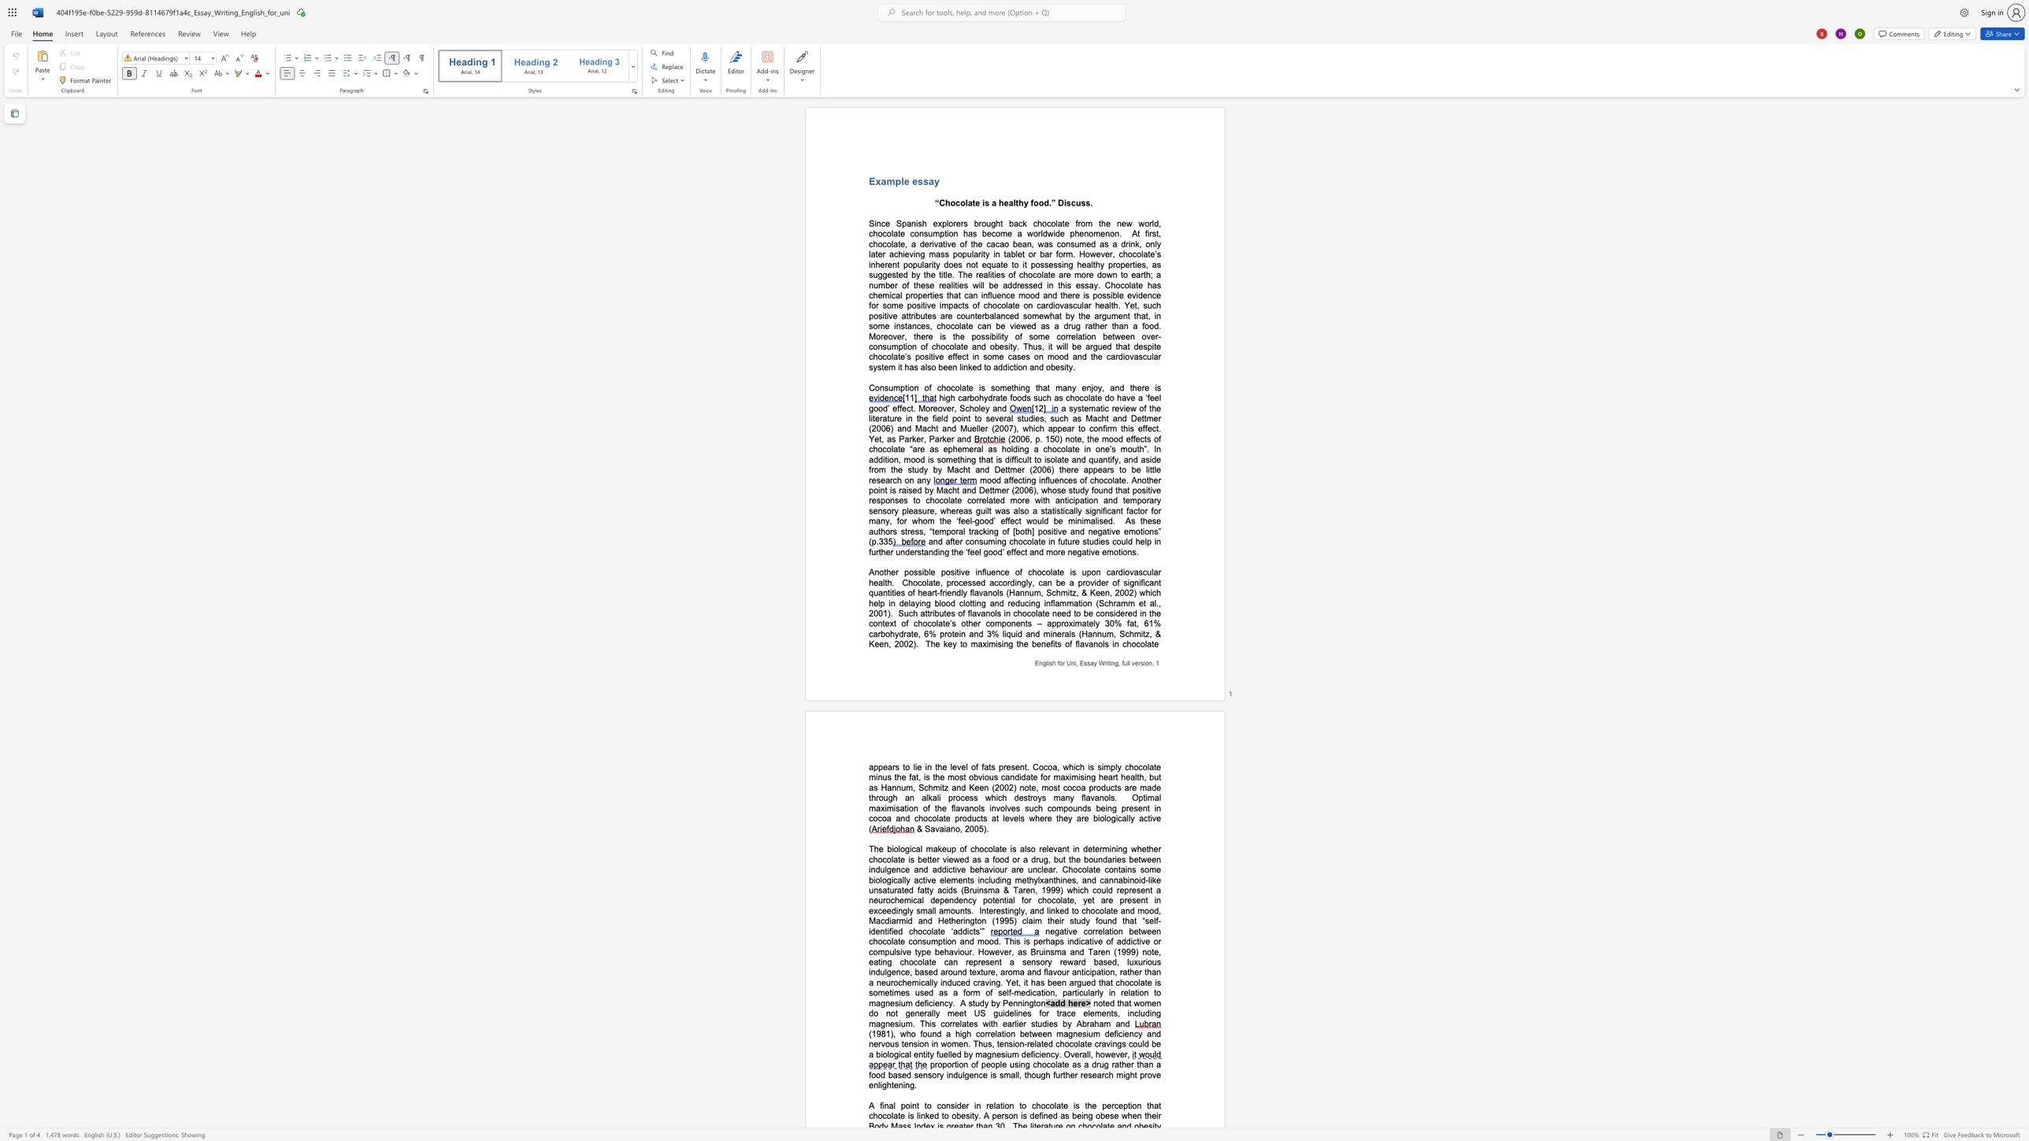  Describe the element at coordinates (940, 582) in the screenshot. I see `the subset text ", processed accordingly, can be a provider of significant quan" within the text "Chocolate, processed accordingly, can be a provider of significant quantities of heart-friendly flavanols (Hannum, Schmitz, & Keen, 2002) which help in delaying blood clotting and reducing inflammation (Schramm et al., 2001)"` at that location.